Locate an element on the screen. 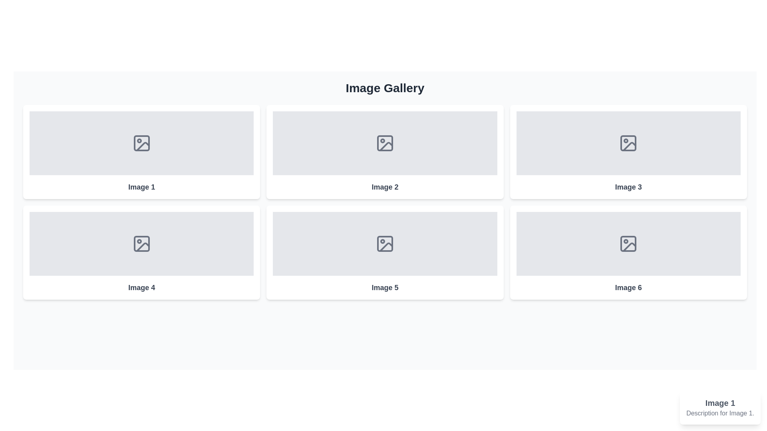 The height and width of the screenshot is (431, 767). the static text header that indicates the title or purpose of the image gallery, located in the upper-central portion of the interface is located at coordinates (385, 88).